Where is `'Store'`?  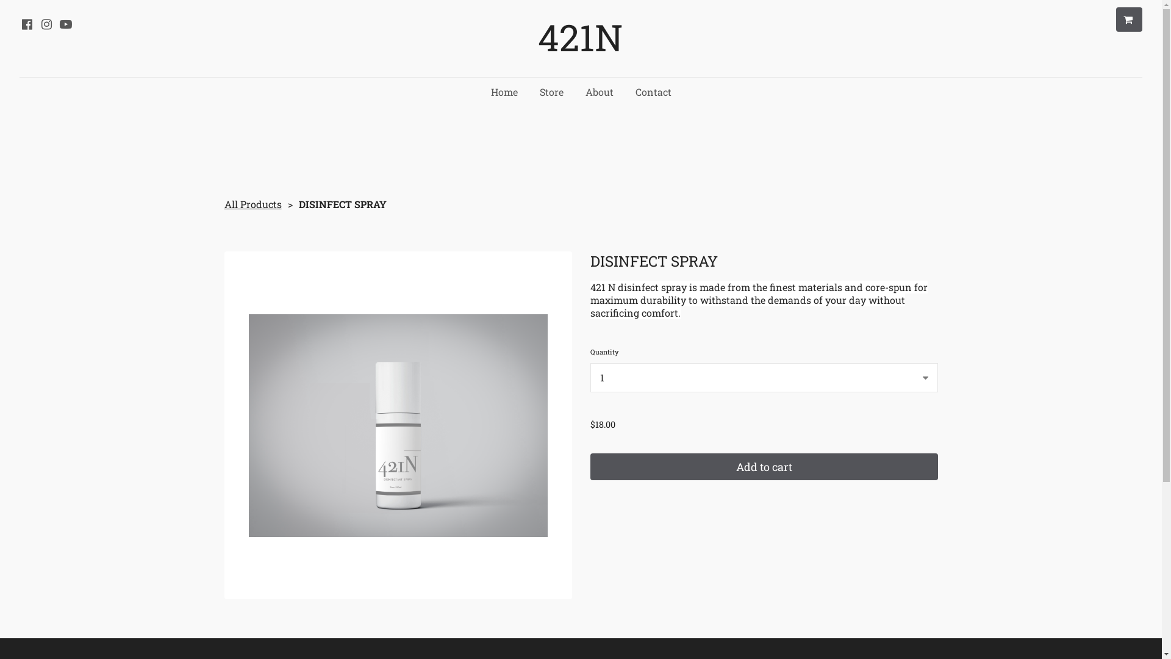 'Store' is located at coordinates (550, 91).